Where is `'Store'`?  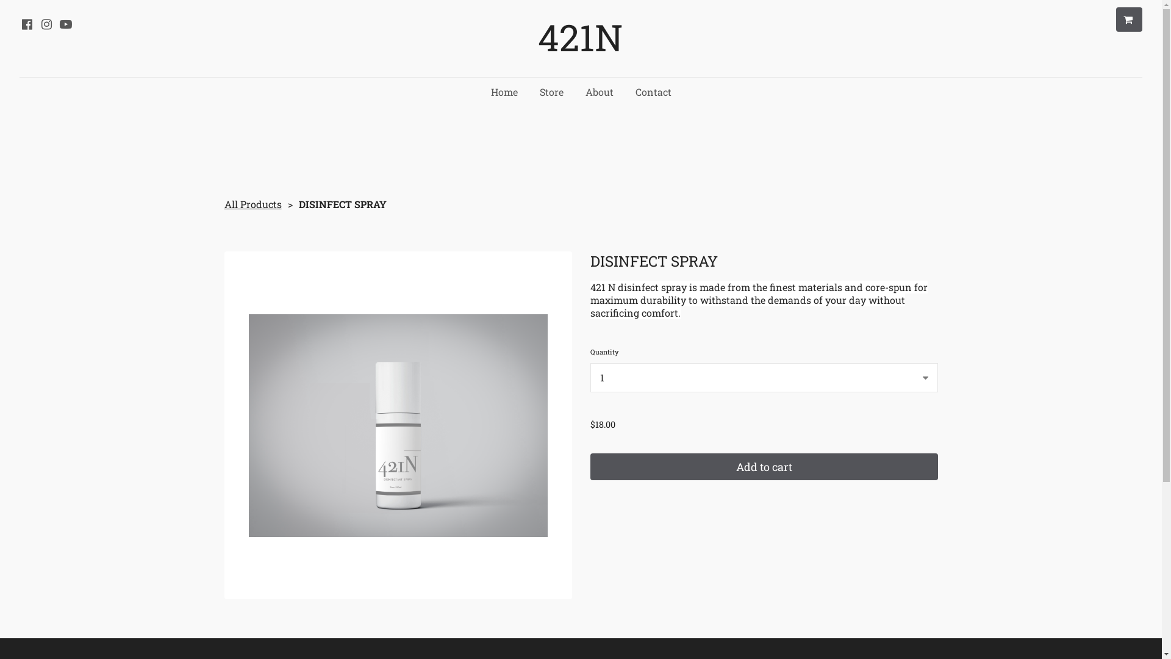 'Store' is located at coordinates (550, 91).